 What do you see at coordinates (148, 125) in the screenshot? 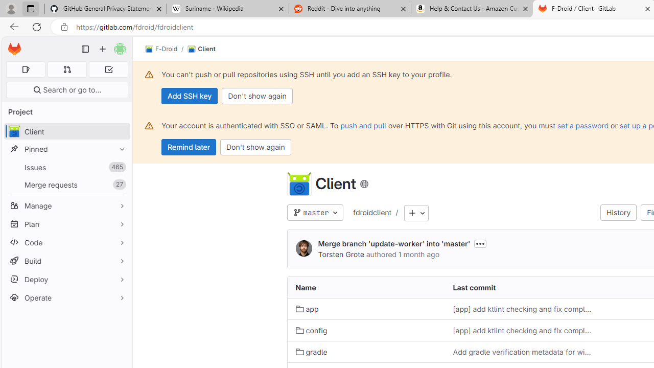
I see `'Class: s16 gl-alert-icon gl-alert-icon-no-title'` at bounding box center [148, 125].